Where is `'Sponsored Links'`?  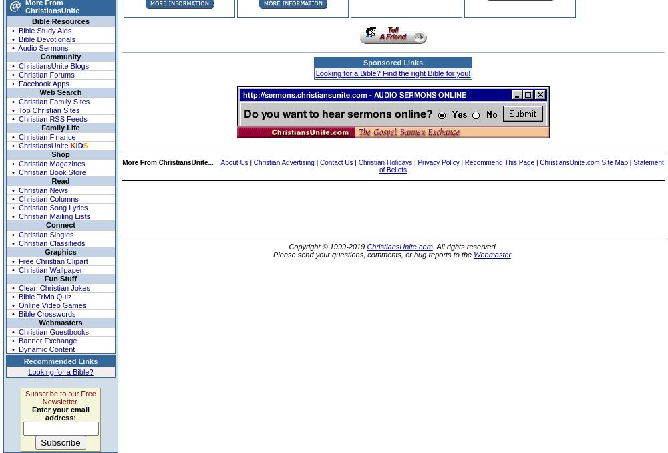
'Sponsored Links' is located at coordinates (392, 62).